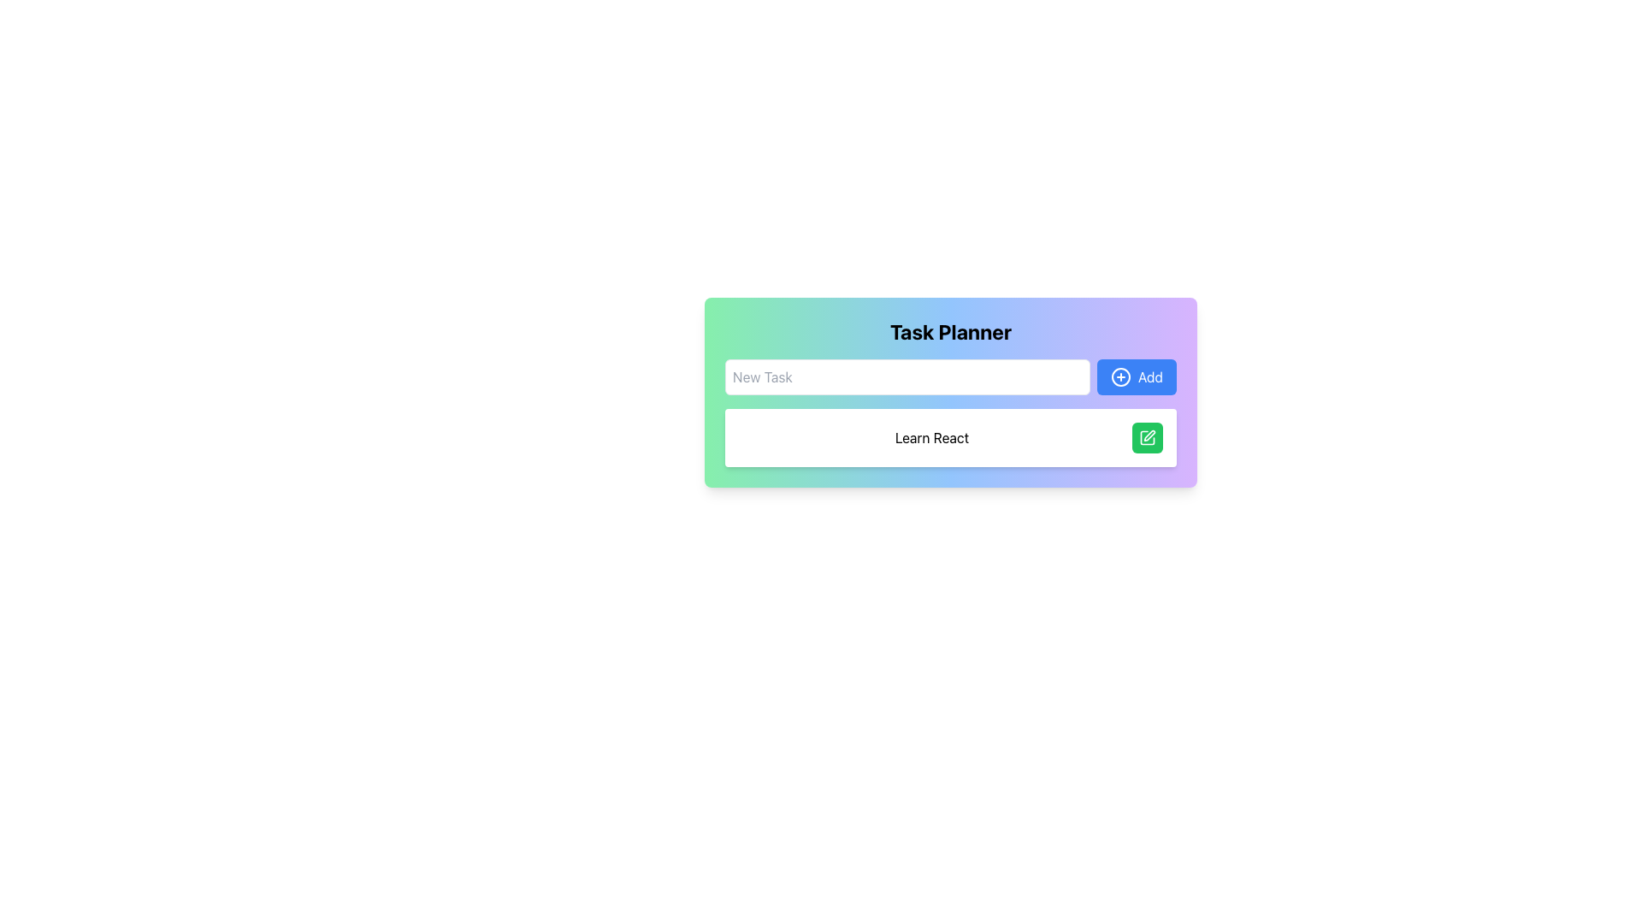 The height and width of the screenshot is (924, 1642). What do you see at coordinates (1148, 437) in the screenshot?
I see `the green rounded rectangular button with a white pen icon` at bounding box center [1148, 437].